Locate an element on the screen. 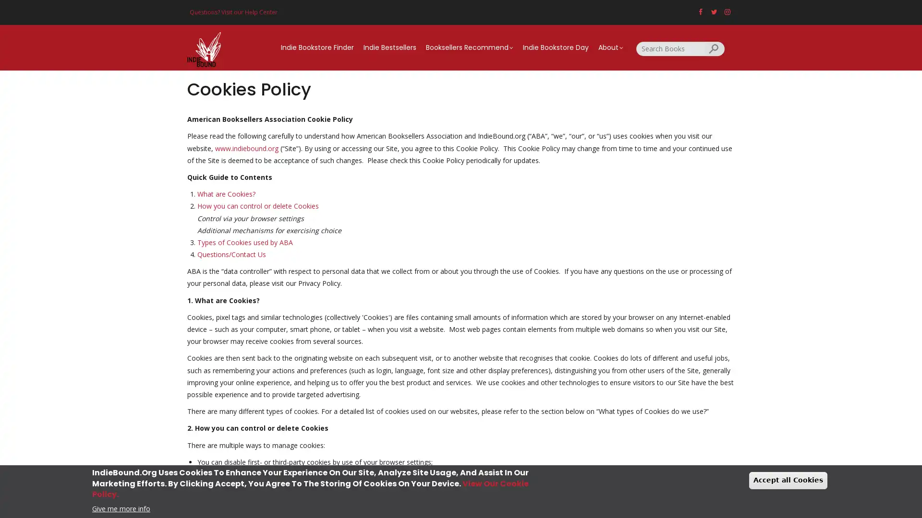 Image resolution: width=922 pixels, height=518 pixels. Search is located at coordinates (715, 48).